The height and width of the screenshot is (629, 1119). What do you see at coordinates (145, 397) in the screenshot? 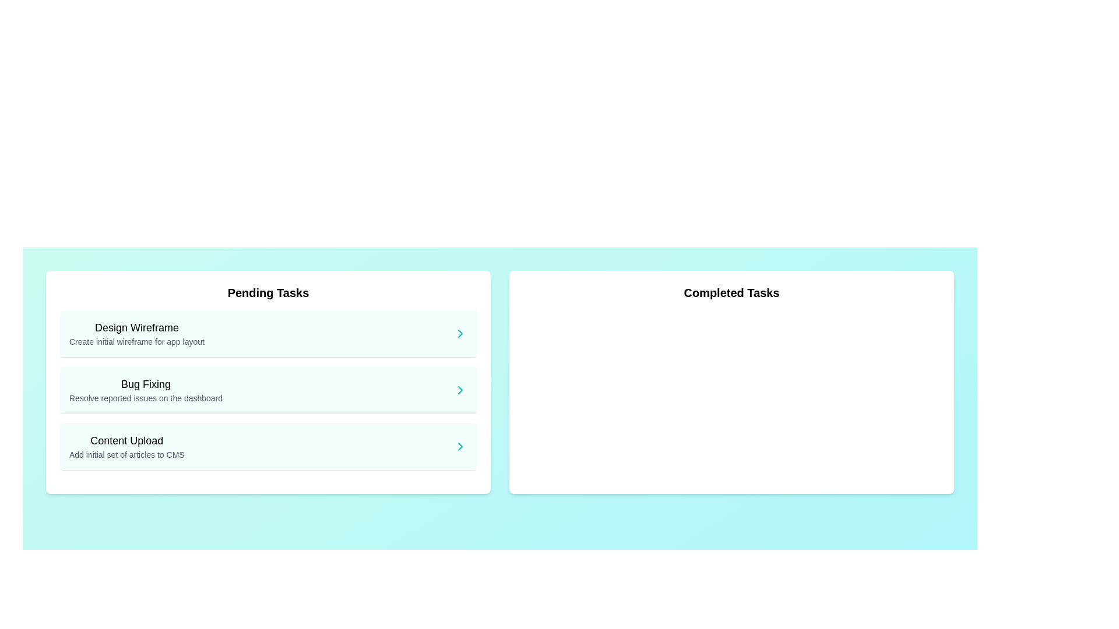
I see `the text label that reads 'Resolve reported issues on the dashboard.' located beneath the 'Bug Fixing' title in the 'Pending Tasks' panel` at bounding box center [145, 397].